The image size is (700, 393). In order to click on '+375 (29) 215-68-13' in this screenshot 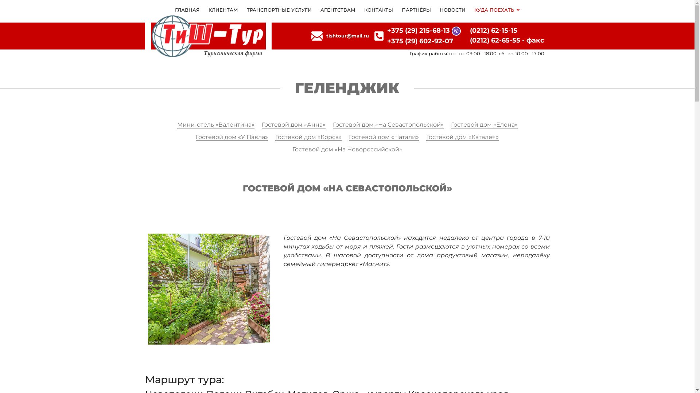, I will do `click(418, 30)`.